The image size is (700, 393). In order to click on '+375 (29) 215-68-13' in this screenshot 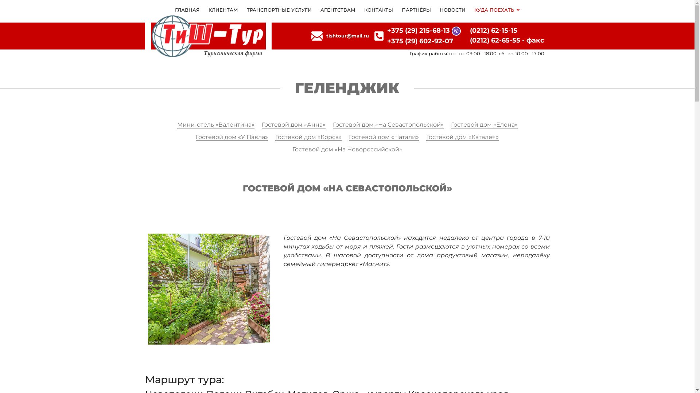, I will do `click(418, 30)`.